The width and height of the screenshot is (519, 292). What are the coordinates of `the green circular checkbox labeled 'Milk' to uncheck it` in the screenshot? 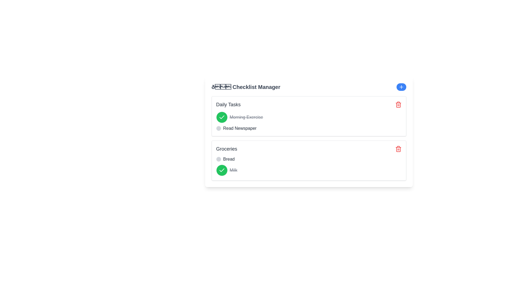 It's located at (309, 170).